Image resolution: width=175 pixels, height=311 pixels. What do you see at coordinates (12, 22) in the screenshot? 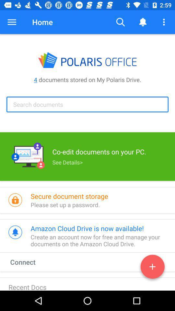
I see `icon to the left of the home button` at bounding box center [12, 22].